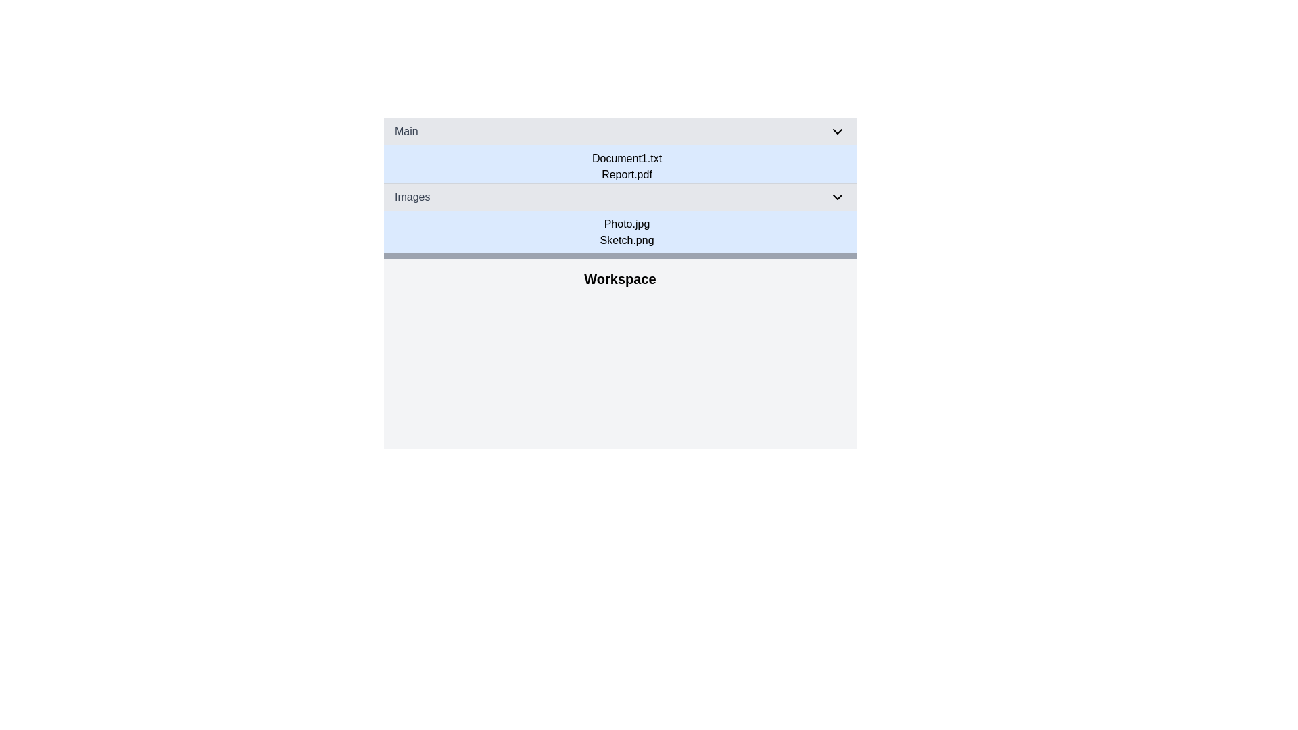  I want to click on the text label indicating a section related to image files, located in the upper-left part of the light-gray rectangular section next to an arrow-like icon, so click(412, 197).